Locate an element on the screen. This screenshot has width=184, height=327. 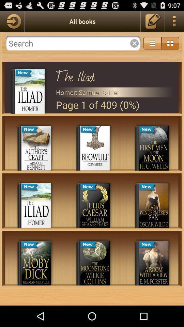
the icon above the iliad is located at coordinates (170, 43).